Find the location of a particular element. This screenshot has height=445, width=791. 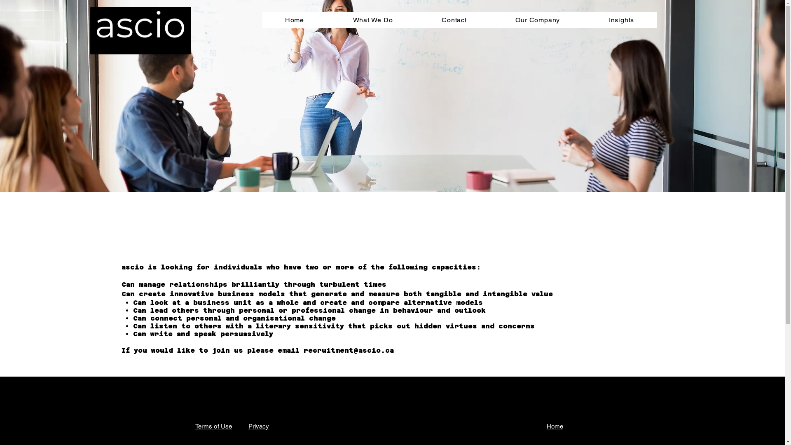

'Insights' is located at coordinates (621, 19).